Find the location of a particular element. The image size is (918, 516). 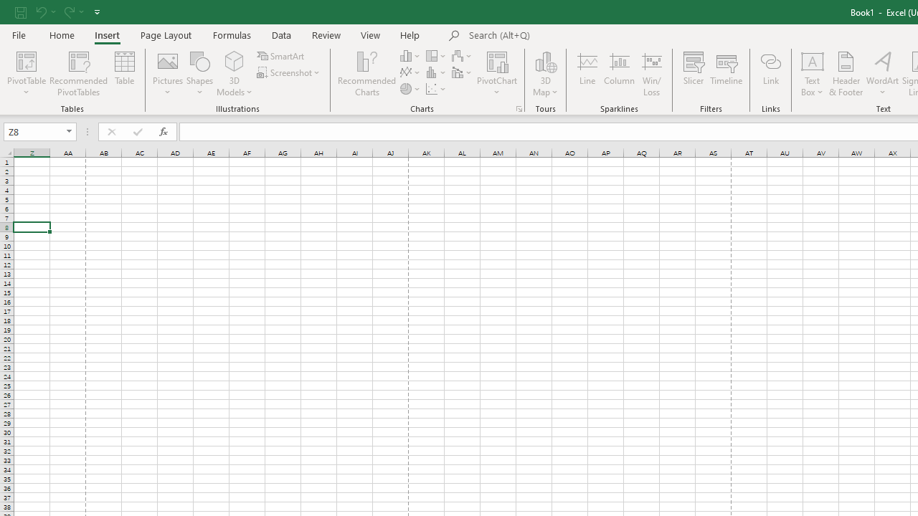

'Insert Column or Bar Chart' is located at coordinates (410, 55).